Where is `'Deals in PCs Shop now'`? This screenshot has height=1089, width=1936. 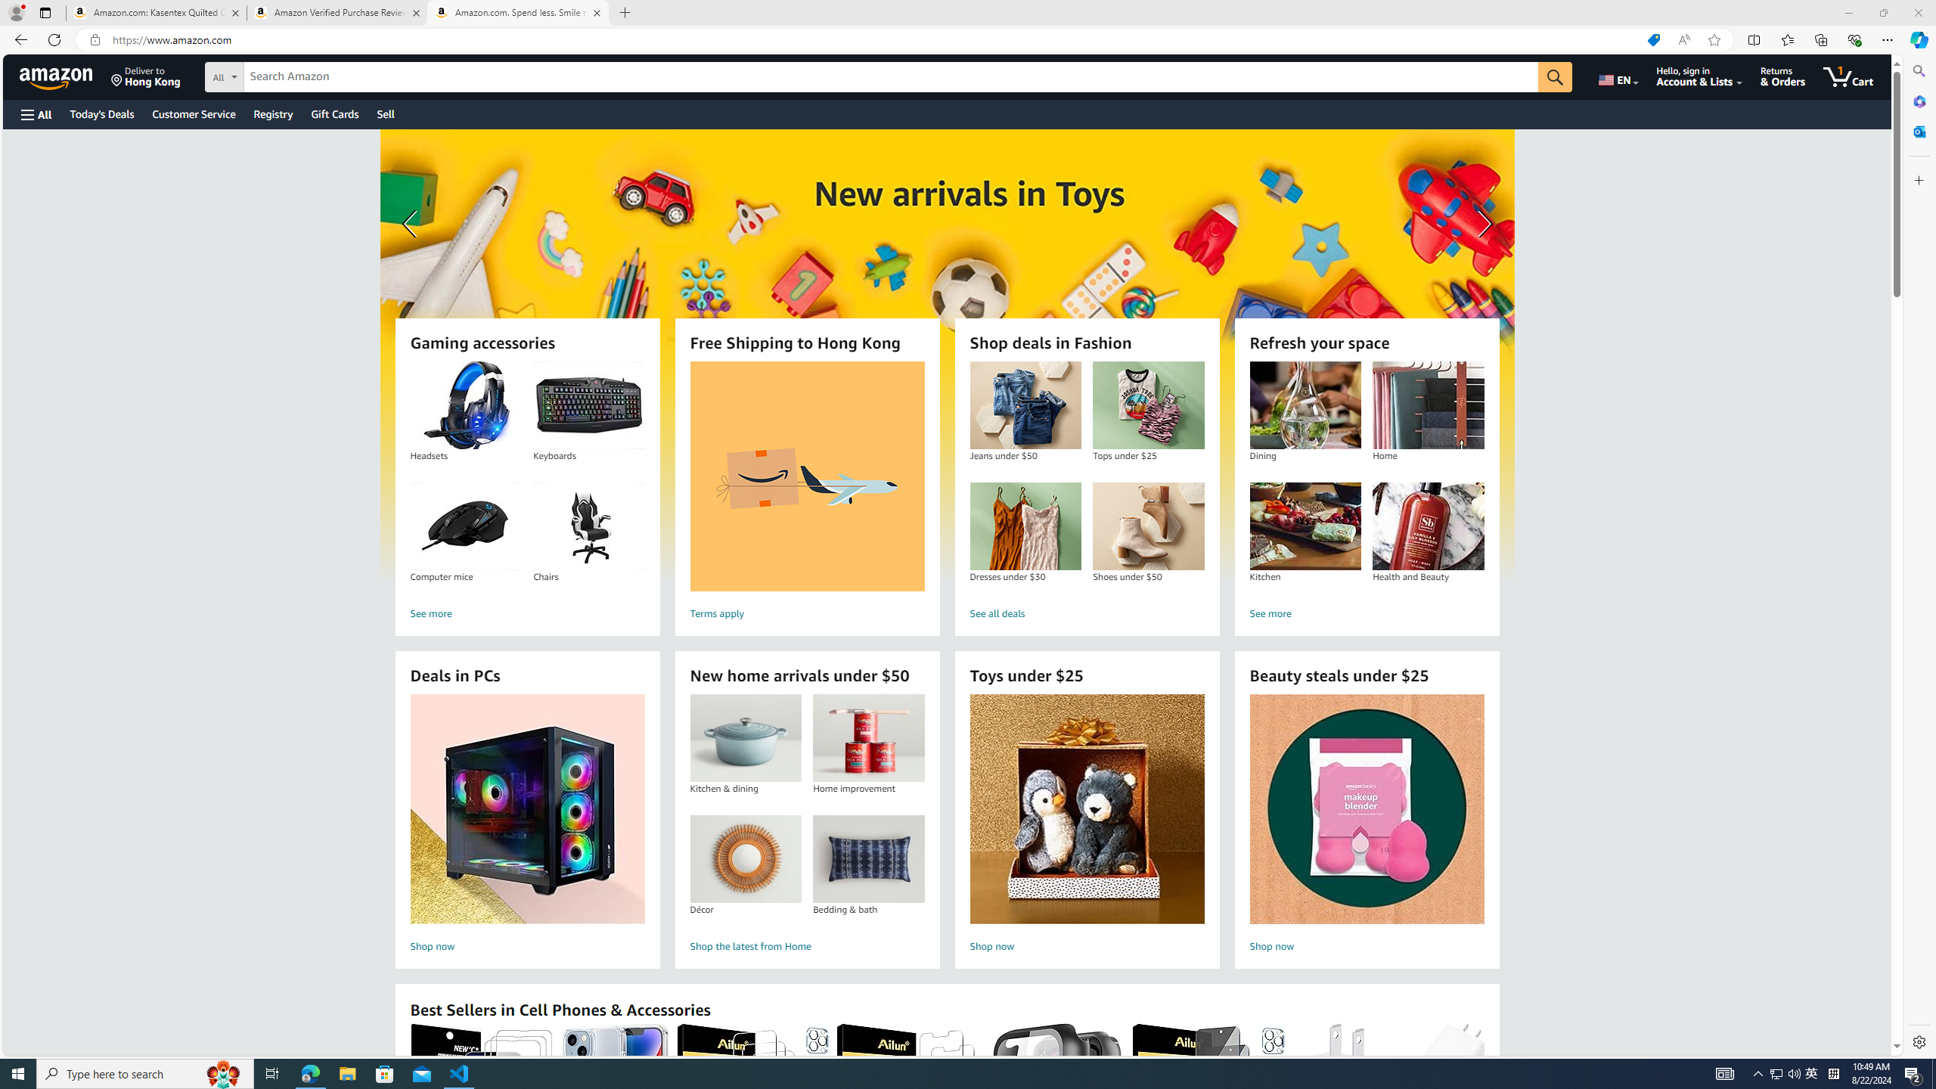
'Deals in PCs Shop now' is located at coordinates (527, 825).